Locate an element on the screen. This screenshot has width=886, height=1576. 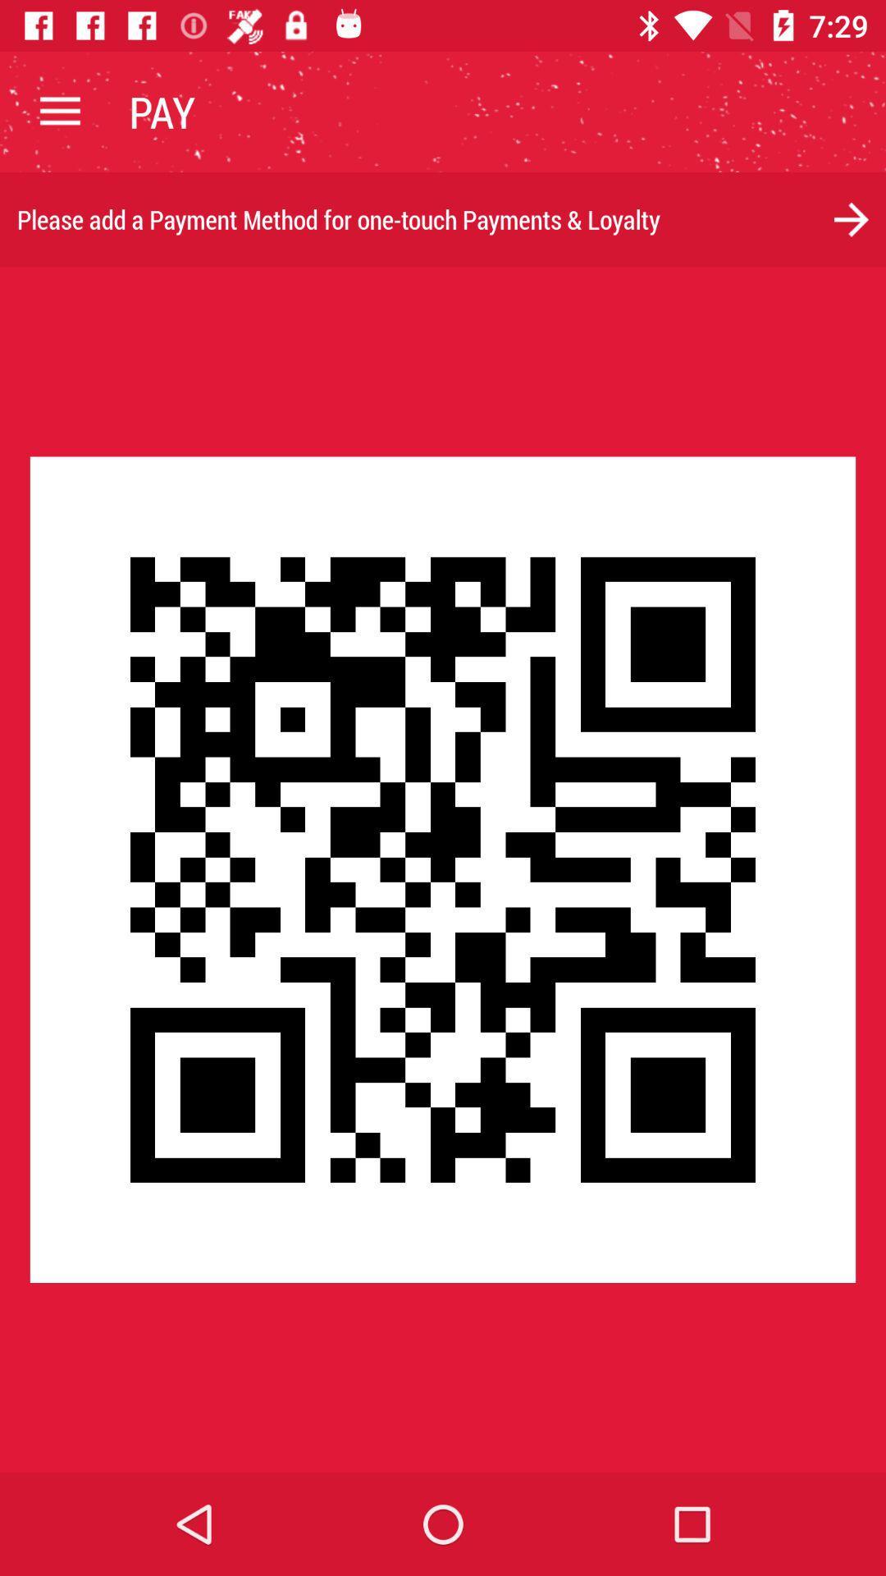
the please add a item is located at coordinates (443, 218).